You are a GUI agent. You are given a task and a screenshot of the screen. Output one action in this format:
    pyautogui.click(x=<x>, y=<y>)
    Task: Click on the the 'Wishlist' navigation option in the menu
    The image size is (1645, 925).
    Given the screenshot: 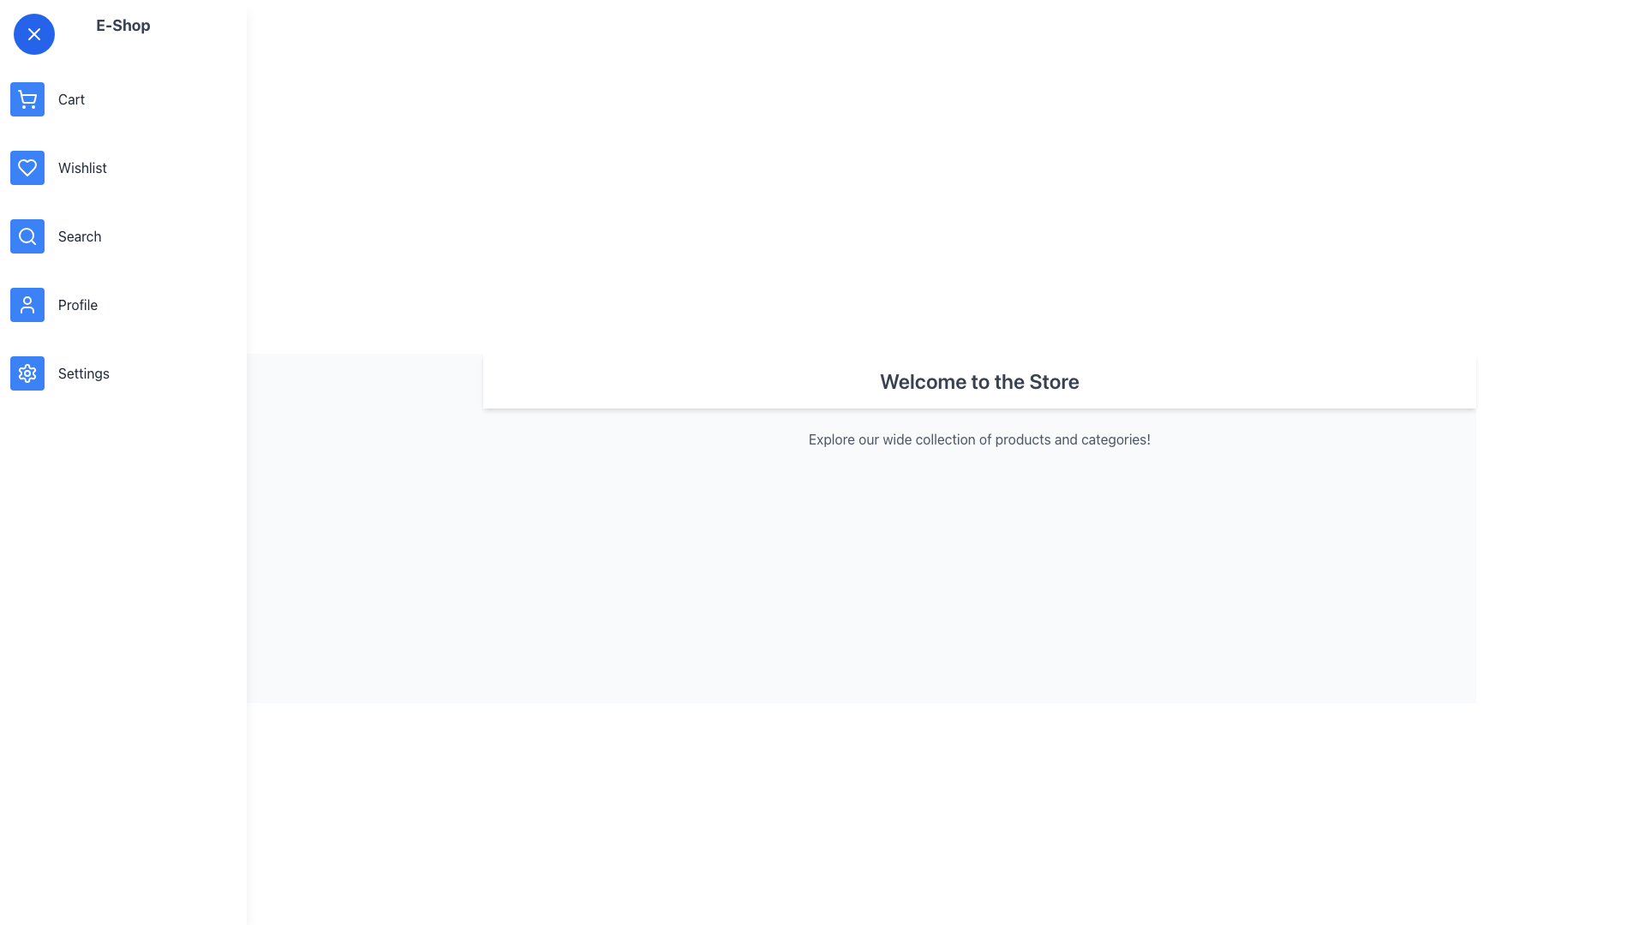 What is the action you would take?
    pyautogui.click(x=81, y=168)
    